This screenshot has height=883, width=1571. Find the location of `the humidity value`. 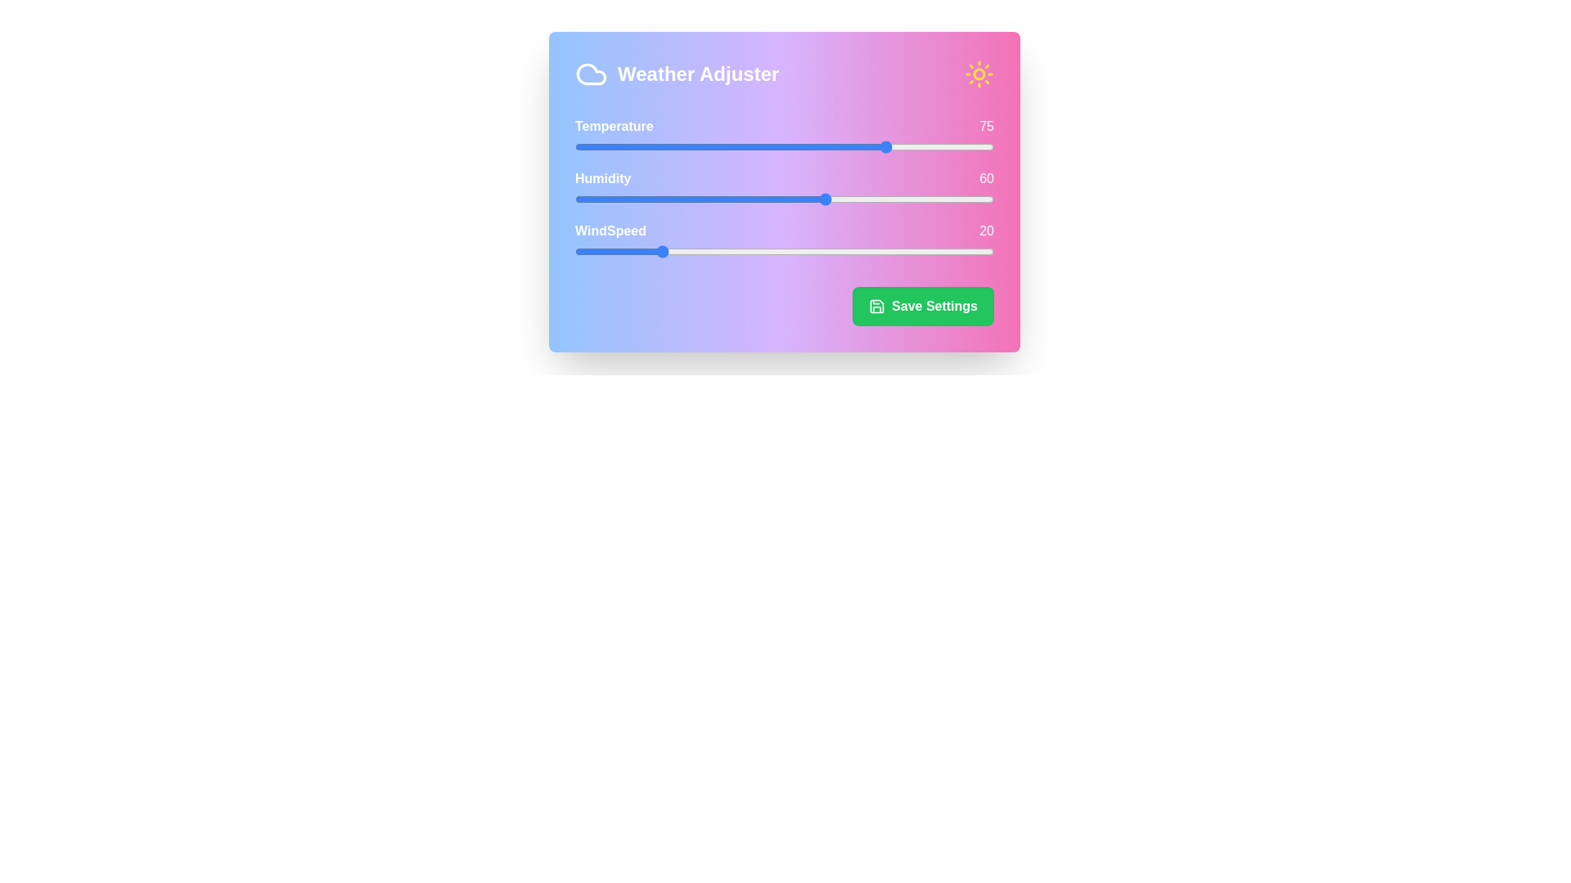

the humidity value is located at coordinates (988, 198).